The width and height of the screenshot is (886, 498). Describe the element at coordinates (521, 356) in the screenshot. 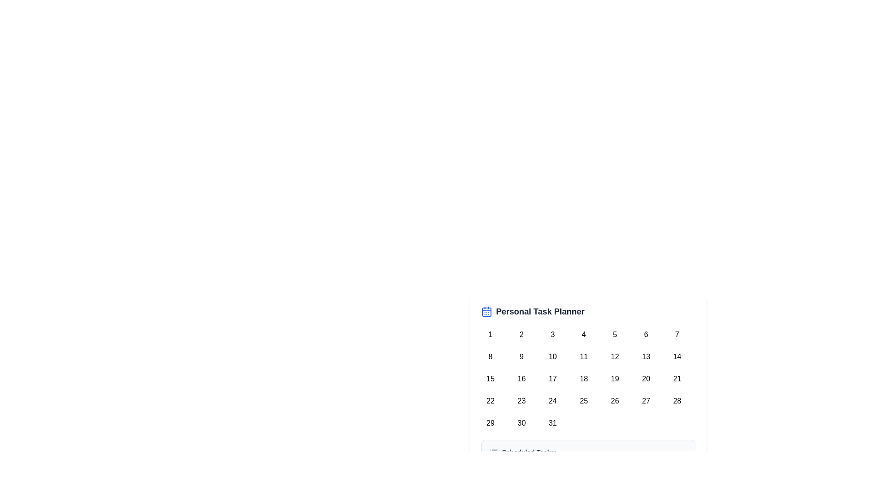

I see `the circular button displaying the number '9' in the 'Personal Task Planner' interface` at that location.